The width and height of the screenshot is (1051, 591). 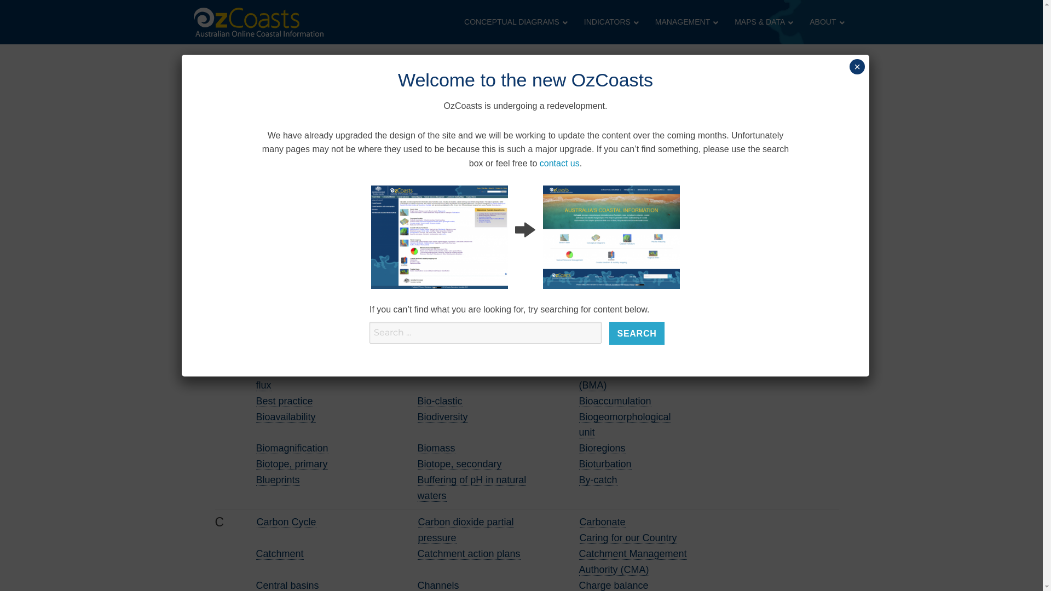 I want to click on 'Carbon Cycle', so click(x=286, y=522).